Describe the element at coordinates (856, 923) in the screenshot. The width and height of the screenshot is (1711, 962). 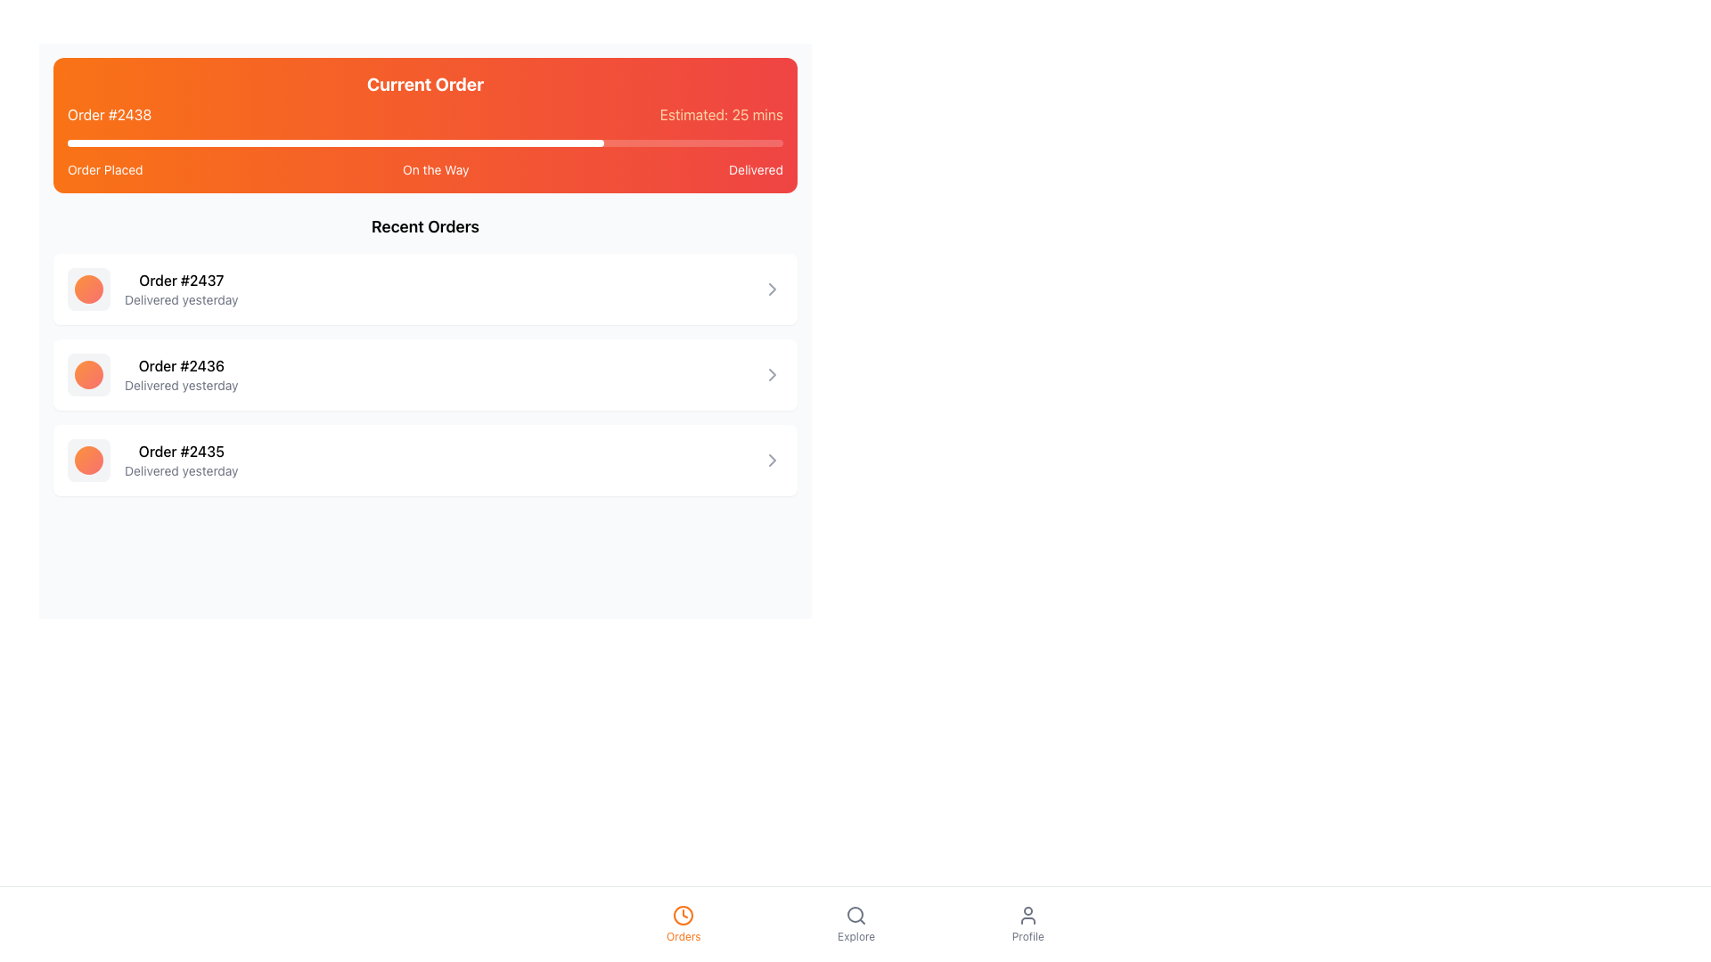
I see `the interactive button labeled 'Explore' with a magnifying glass icon, located in the middle section of the footer navigation bar` at that location.